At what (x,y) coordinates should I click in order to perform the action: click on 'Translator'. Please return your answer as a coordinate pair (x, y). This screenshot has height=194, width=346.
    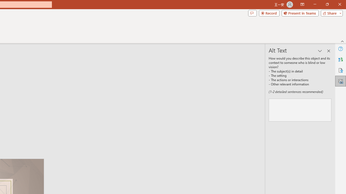
    Looking at the image, I should click on (340, 60).